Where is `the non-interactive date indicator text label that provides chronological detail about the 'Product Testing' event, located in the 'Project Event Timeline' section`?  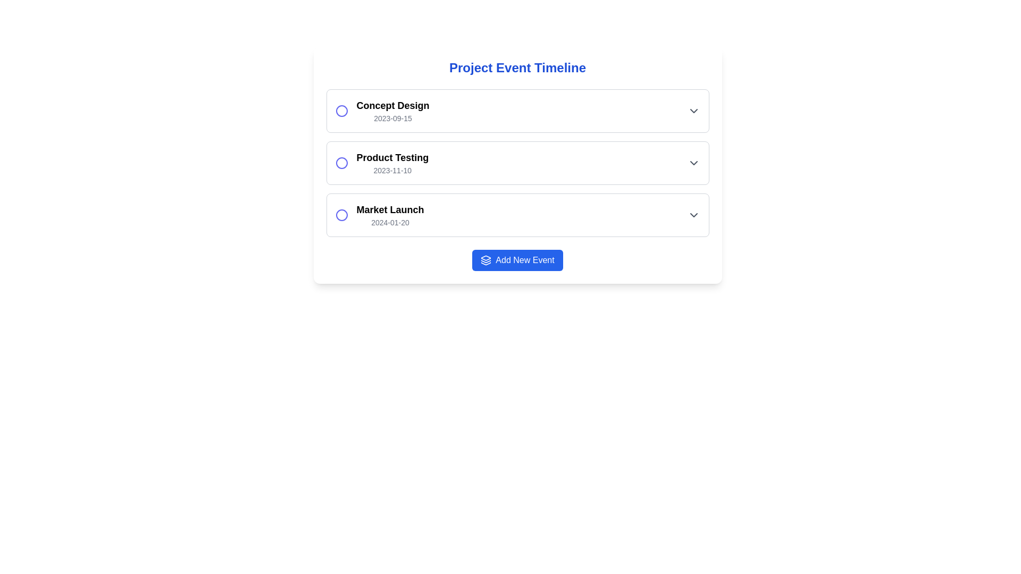
the non-interactive date indicator text label that provides chronological detail about the 'Product Testing' event, located in the 'Project Event Timeline' section is located at coordinates (392, 170).